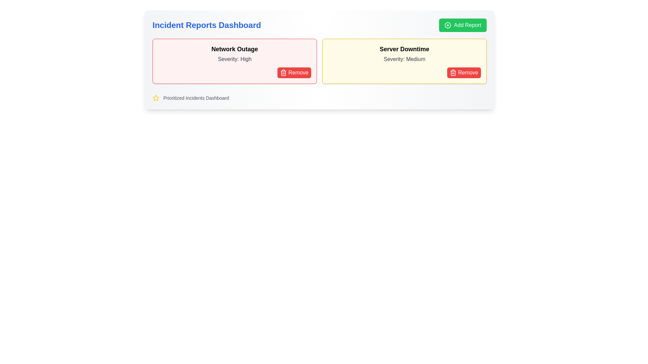 The image size is (648, 364). I want to click on the delete action icon located within the 'Remove' button to the right side of the 'Network Outage' panel, so click(283, 73).